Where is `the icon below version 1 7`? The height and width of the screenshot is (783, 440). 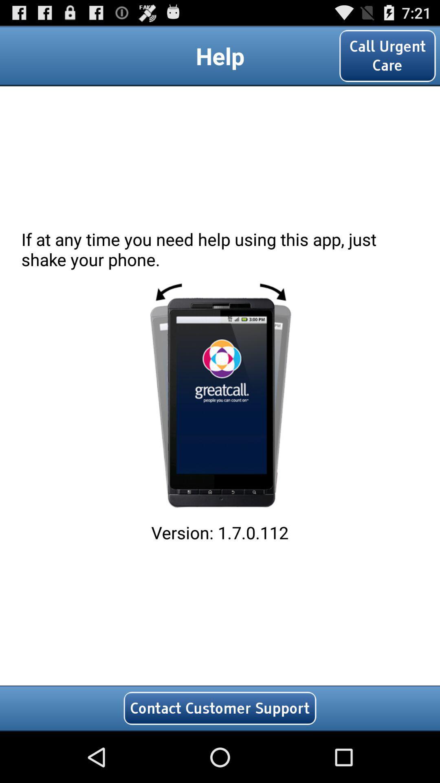
the icon below version 1 7 is located at coordinates (220, 708).